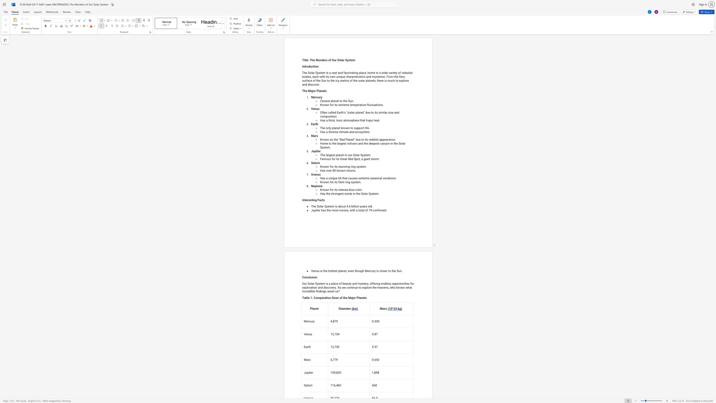 This screenshot has width=716, height=403. What do you see at coordinates (359, 105) in the screenshot?
I see `the 3th character "r" in the text` at bounding box center [359, 105].